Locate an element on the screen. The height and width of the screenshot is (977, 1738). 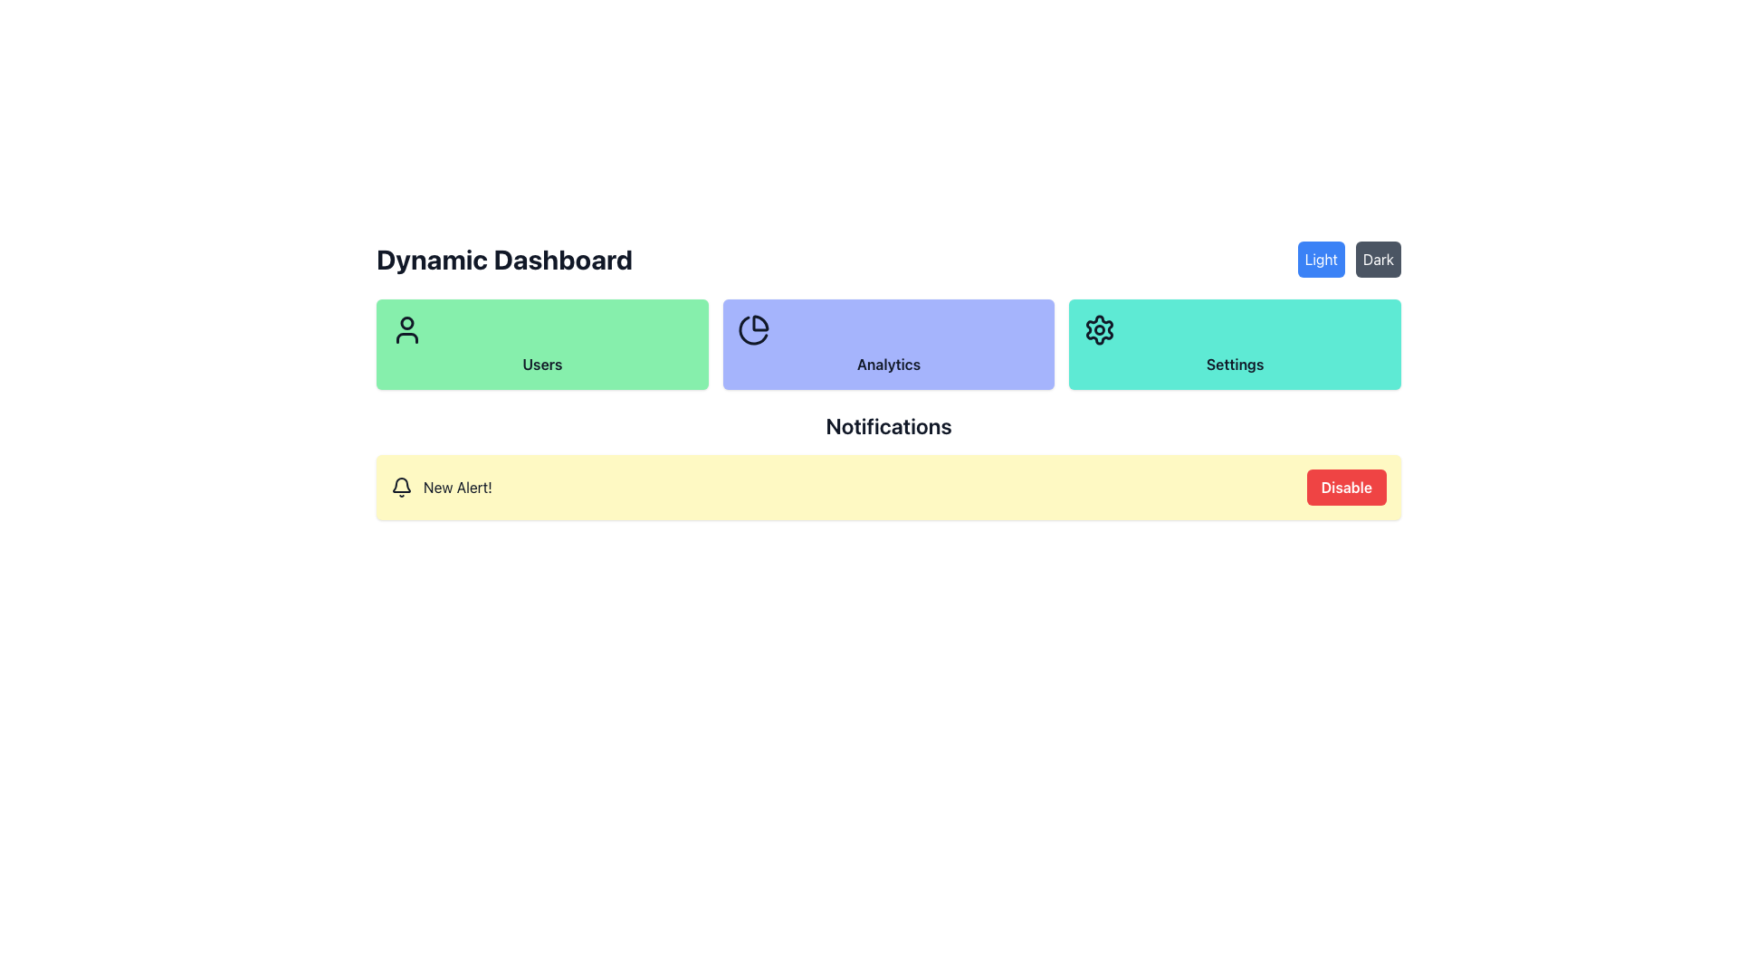
the 'Settings' button, which is the third button in a horizontal layout, positioned at the rightmost side adjacent to the 'Analytics' button is located at coordinates (1233, 345).